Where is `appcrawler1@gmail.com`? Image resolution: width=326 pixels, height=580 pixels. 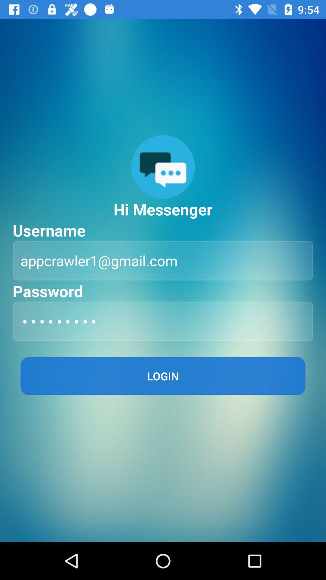
appcrawler1@gmail.com is located at coordinates (163, 260).